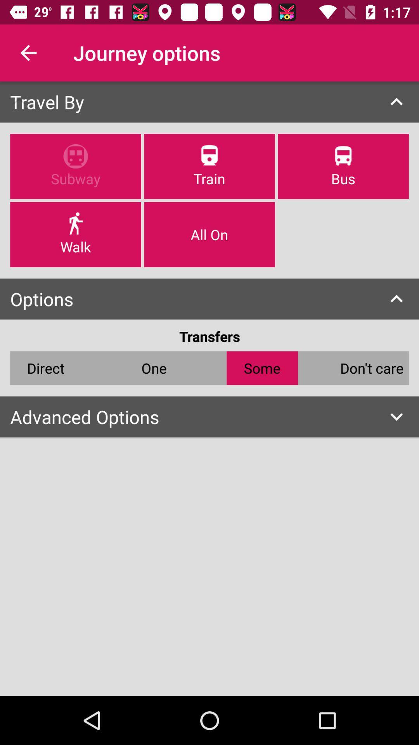 This screenshot has height=745, width=419. Describe the element at coordinates (371, 367) in the screenshot. I see `don't care` at that location.